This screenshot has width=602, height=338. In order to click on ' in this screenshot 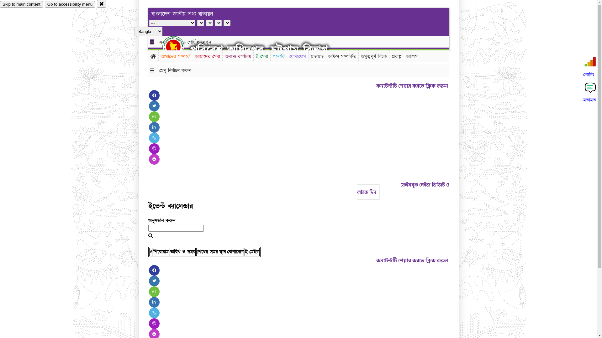, I will do `click(178, 46)`.